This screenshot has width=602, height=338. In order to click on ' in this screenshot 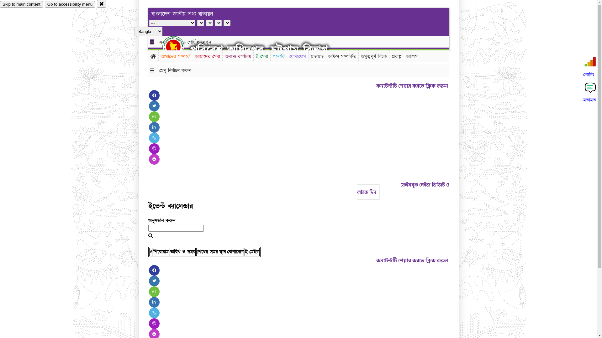, I will do `click(178, 46)`.